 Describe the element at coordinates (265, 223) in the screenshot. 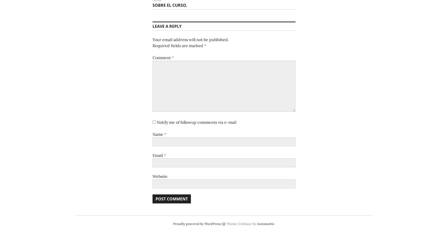

I see `'Automattic'` at that location.